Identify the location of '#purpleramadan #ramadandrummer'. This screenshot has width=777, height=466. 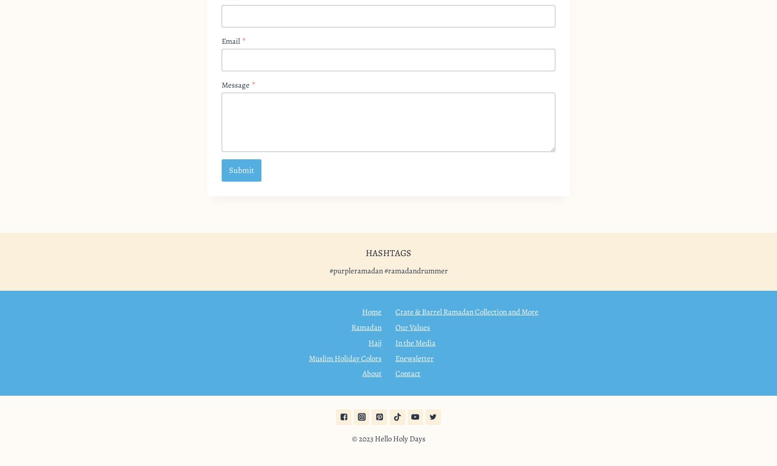
(388, 270).